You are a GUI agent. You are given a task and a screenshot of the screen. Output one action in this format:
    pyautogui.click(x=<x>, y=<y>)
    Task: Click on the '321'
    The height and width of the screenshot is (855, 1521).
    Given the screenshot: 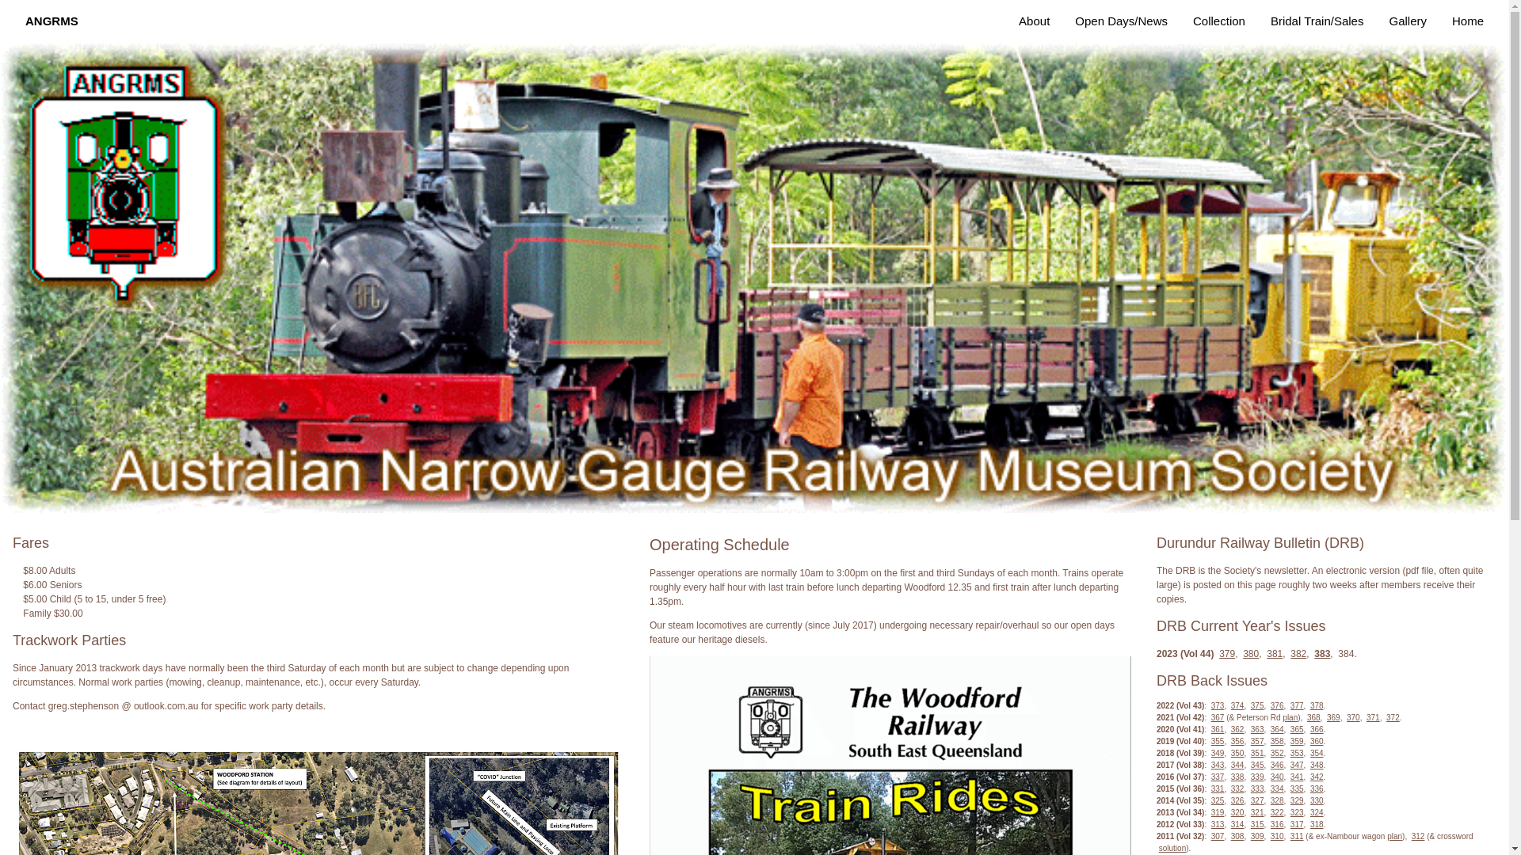 What is the action you would take?
    pyautogui.click(x=1256, y=812)
    